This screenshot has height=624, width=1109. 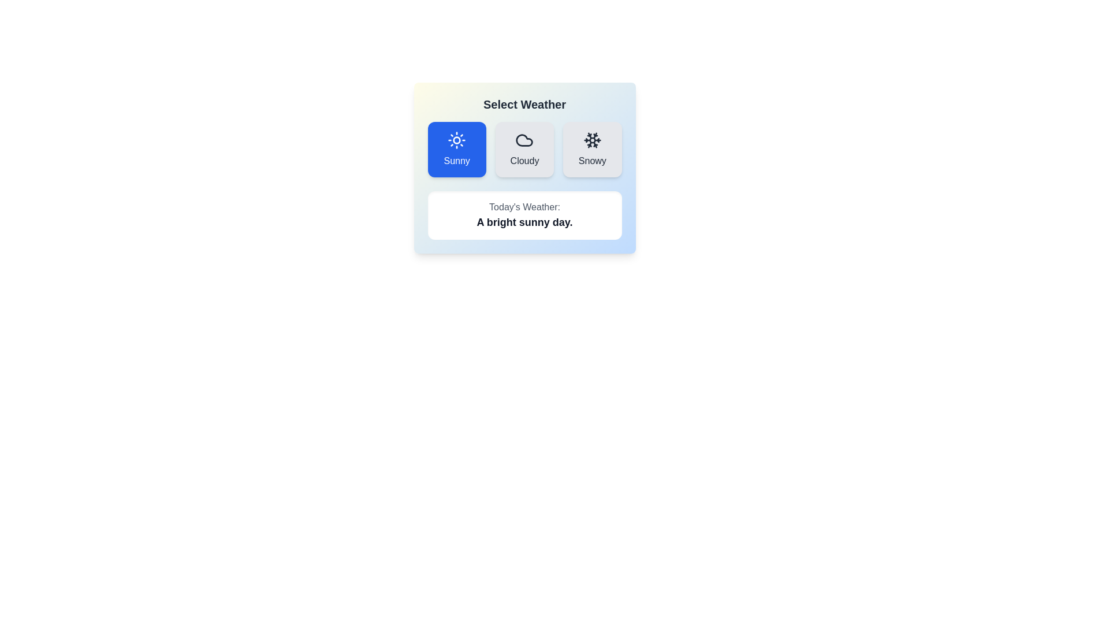 What do you see at coordinates (523, 148) in the screenshot?
I see `the button corresponding to Cloudy to select the desired weather` at bounding box center [523, 148].